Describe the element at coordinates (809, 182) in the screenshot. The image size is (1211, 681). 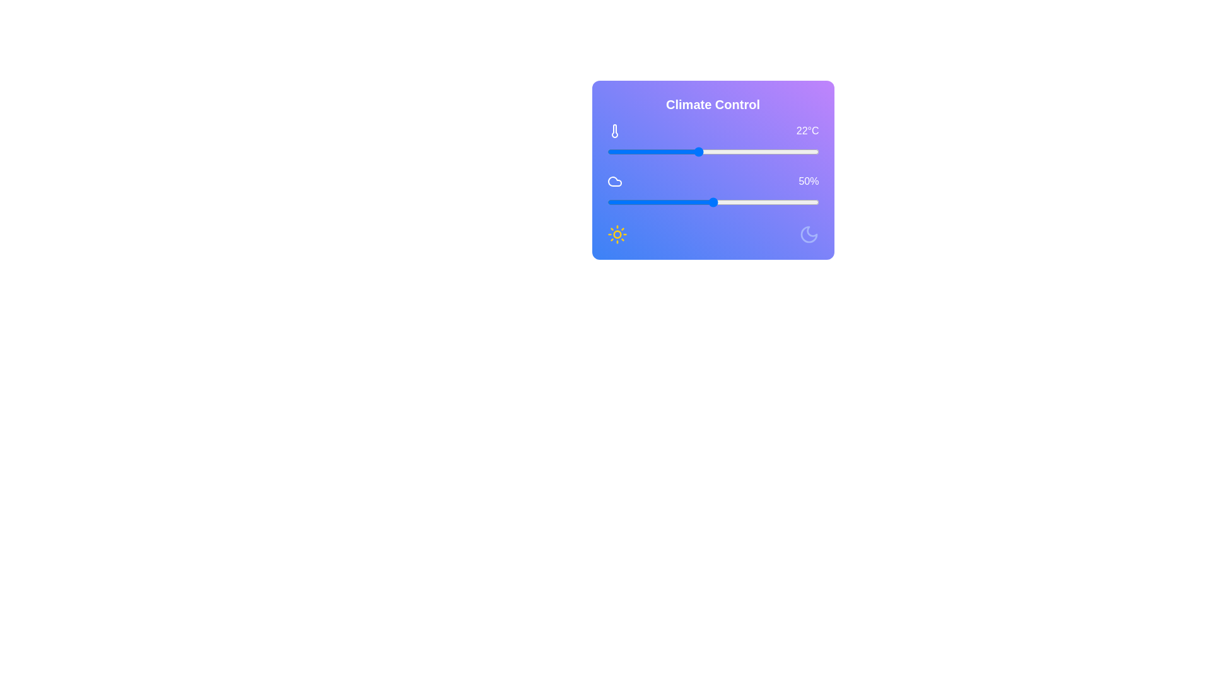
I see `the text label displaying '50%' in white color within a blue box, located in the middle-right of the climate control panel` at that location.